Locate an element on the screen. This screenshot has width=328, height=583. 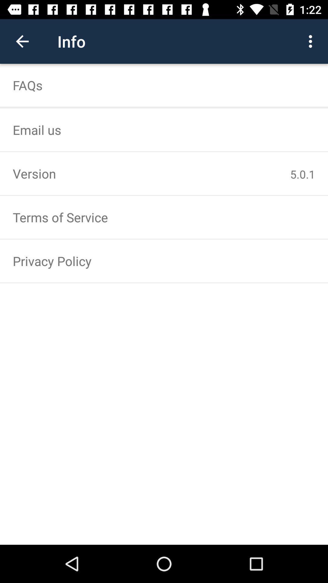
icon next to info is located at coordinates (312, 41).